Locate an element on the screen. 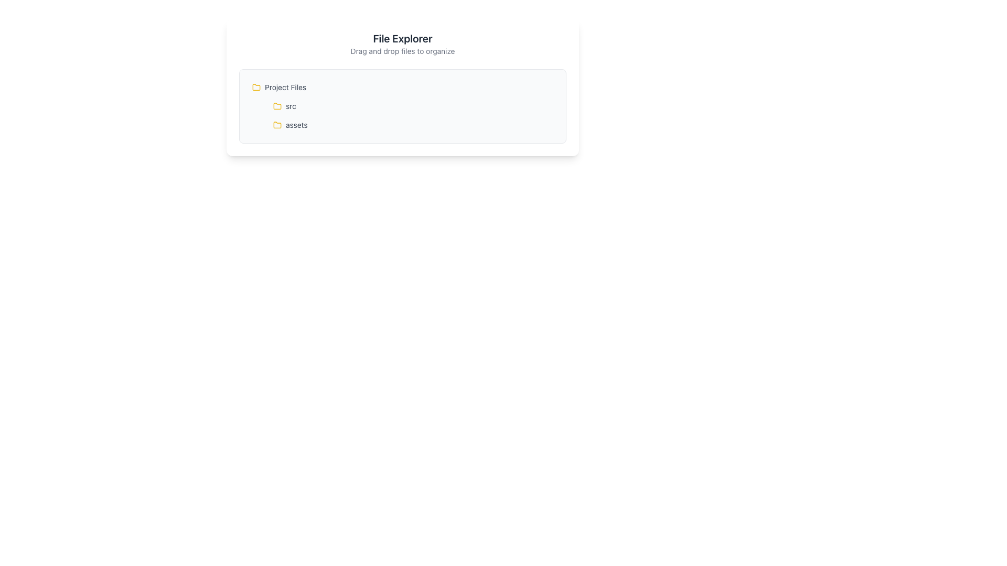 The image size is (1007, 566). the small yellow folder icon located at the leftmost part of the entry labeled 'src' in the 'Project Files' section of the file explorer is located at coordinates (277, 106).